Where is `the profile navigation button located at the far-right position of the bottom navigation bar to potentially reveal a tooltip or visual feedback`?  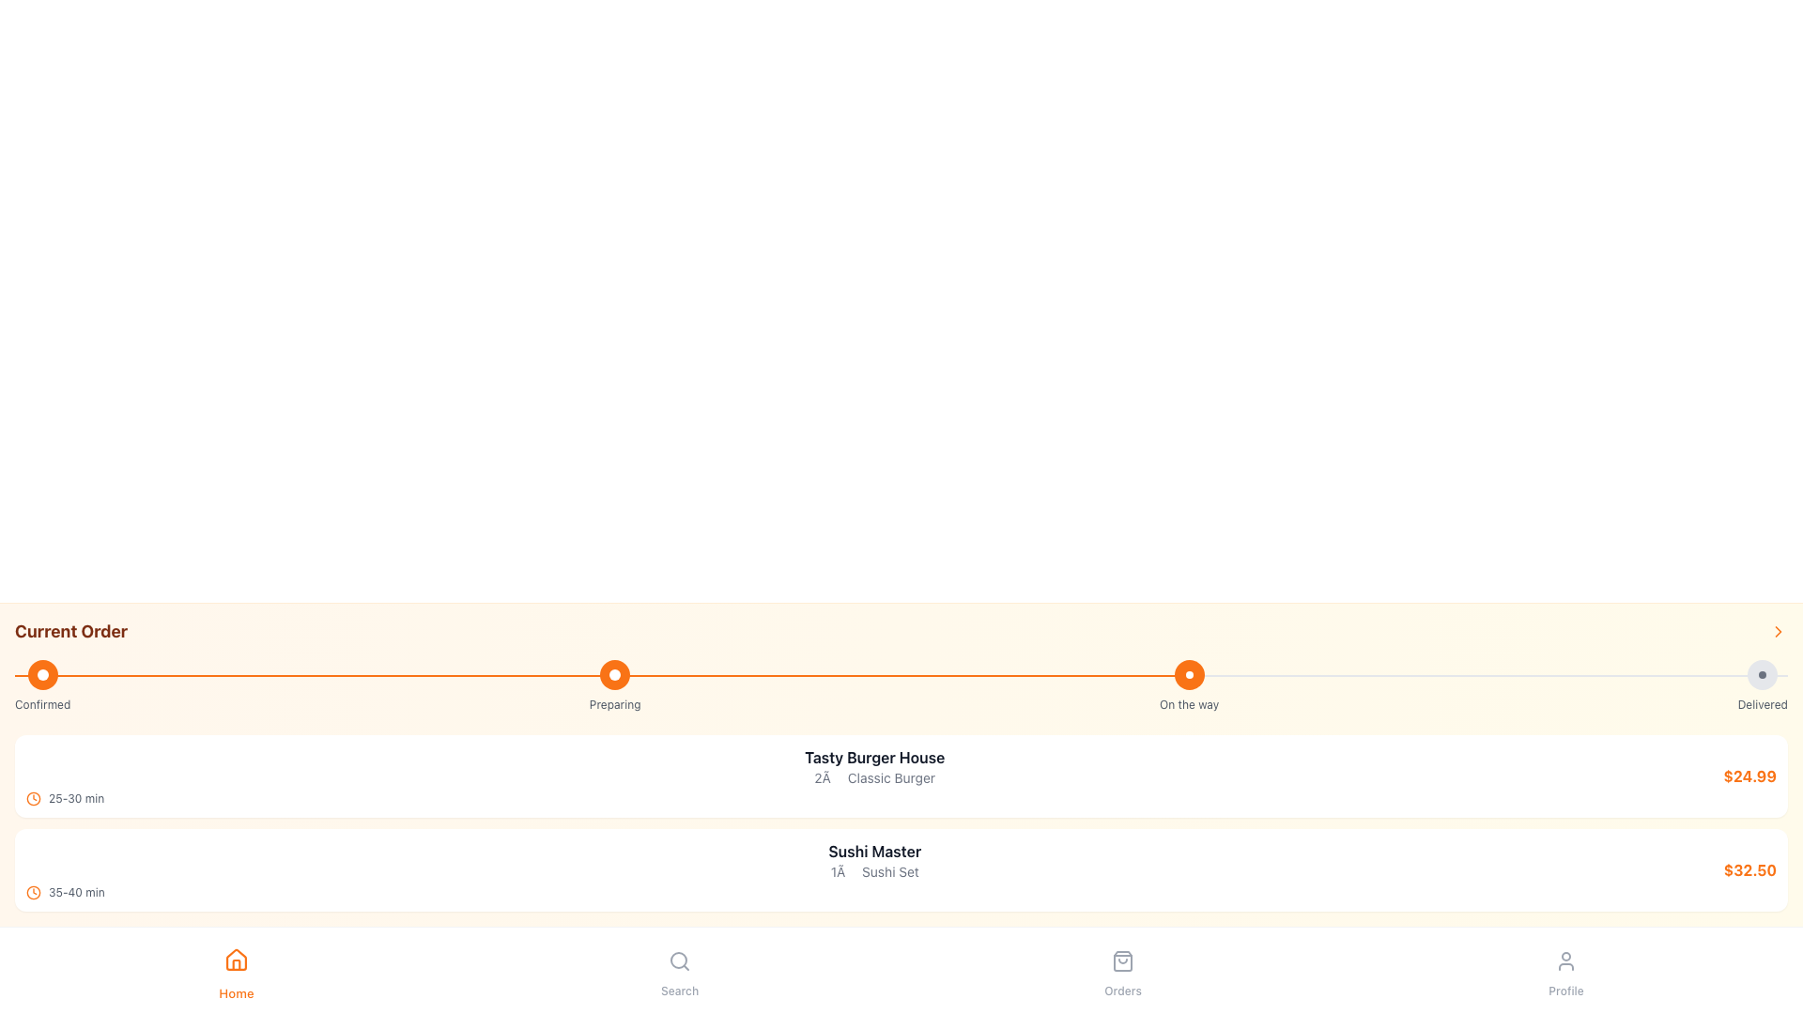 the profile navigation button located at the far-right position of the bottom navigation bar to potentially reveal a tooltip or visual feedback is located at coordinates (1566, 960).